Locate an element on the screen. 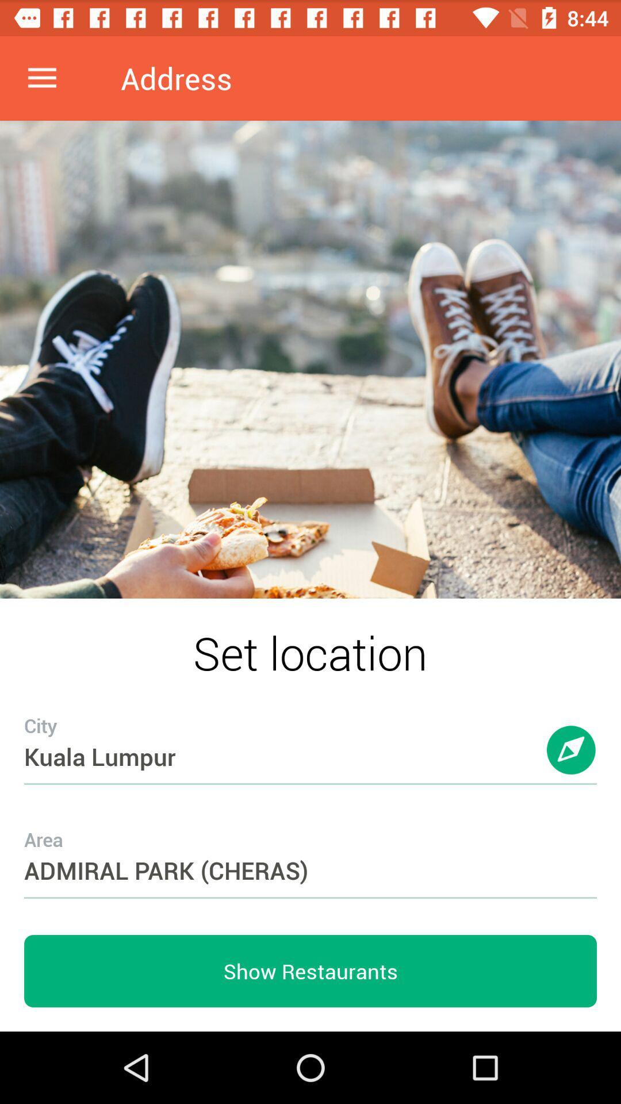  menu is located at coordinates (41, 78).